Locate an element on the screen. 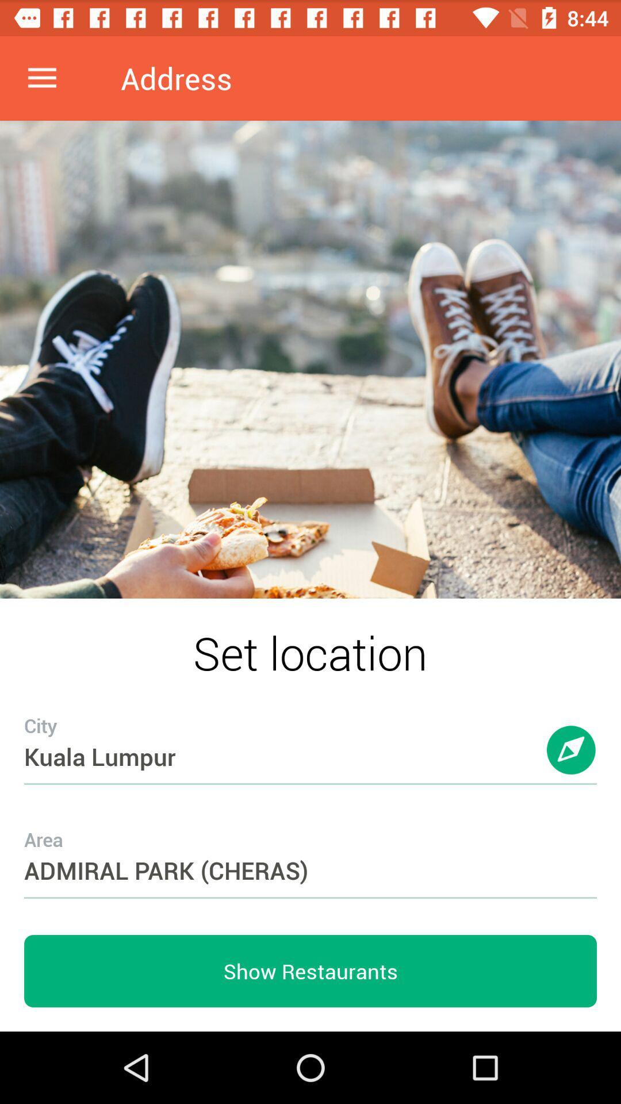  menu is located at coordinates (41, 78).